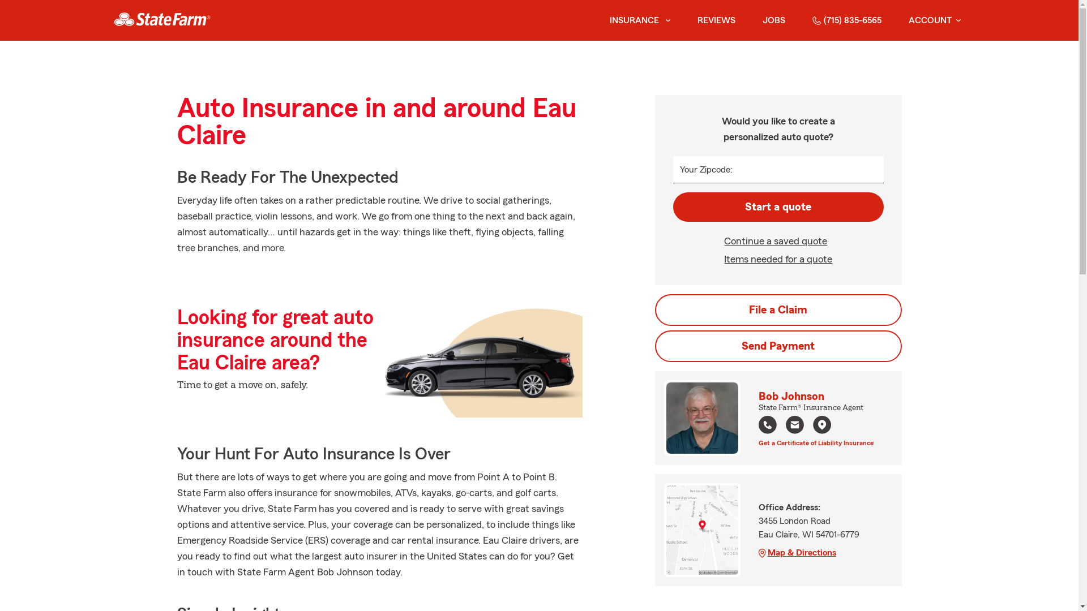  Describe the element at coordinates (632, 20) in the screenshot. I see `'INSURANCE'` at that location.